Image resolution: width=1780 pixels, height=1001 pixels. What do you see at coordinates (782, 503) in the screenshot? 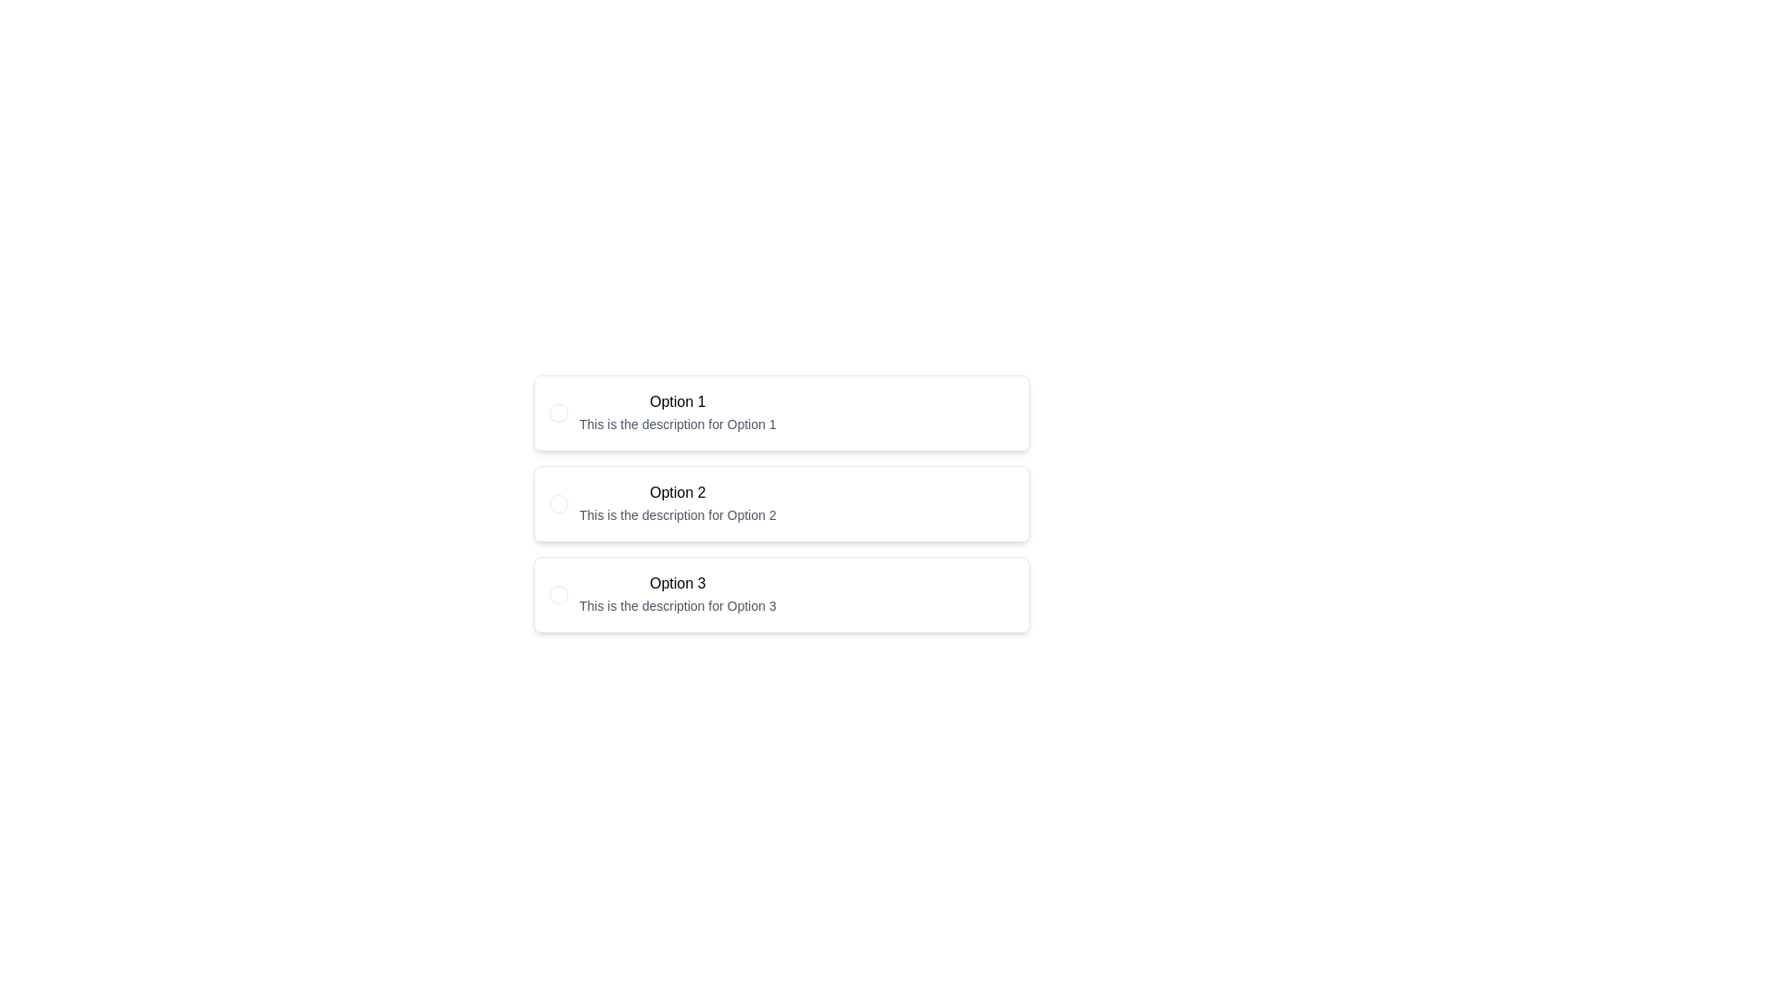
I see `the second radio option in the group` at bounding box center [782, 503].